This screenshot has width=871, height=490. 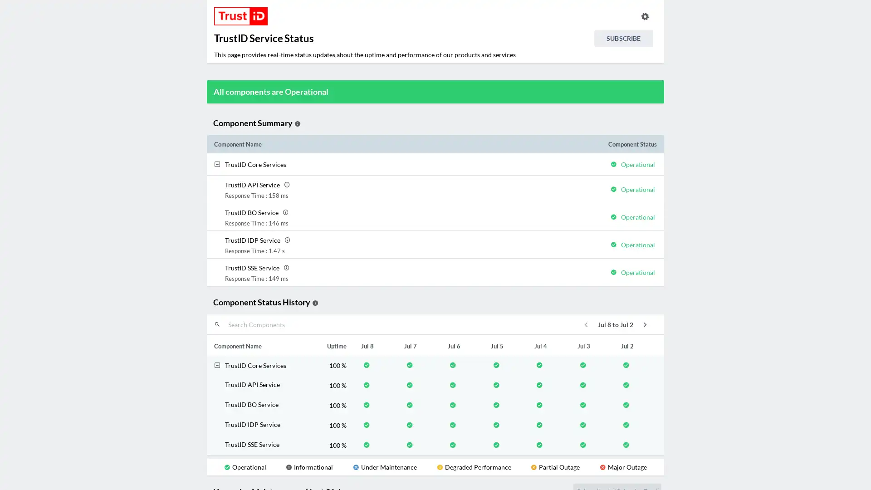 I want to click on SUBSCRIBE, so click(x=623, y=38).